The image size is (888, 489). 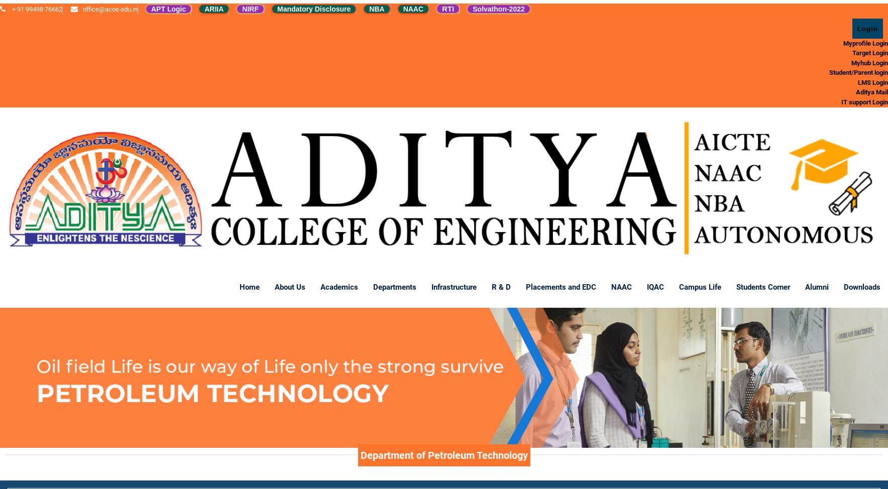 What do you see at coordinates (858, 72) in the screenshot?
I see `'Student/Parent login'` at bounding box center [858, 72].